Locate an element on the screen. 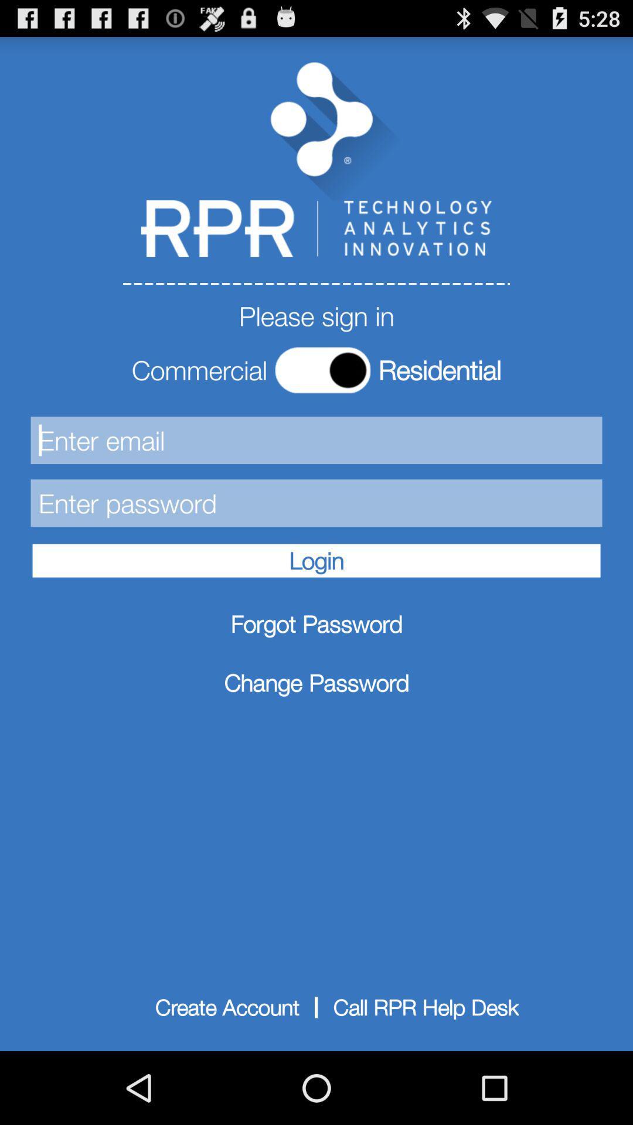 This screenshot has height=1125, width=633. the text left to call rpr help desk is located at coordinates (227, 1007).